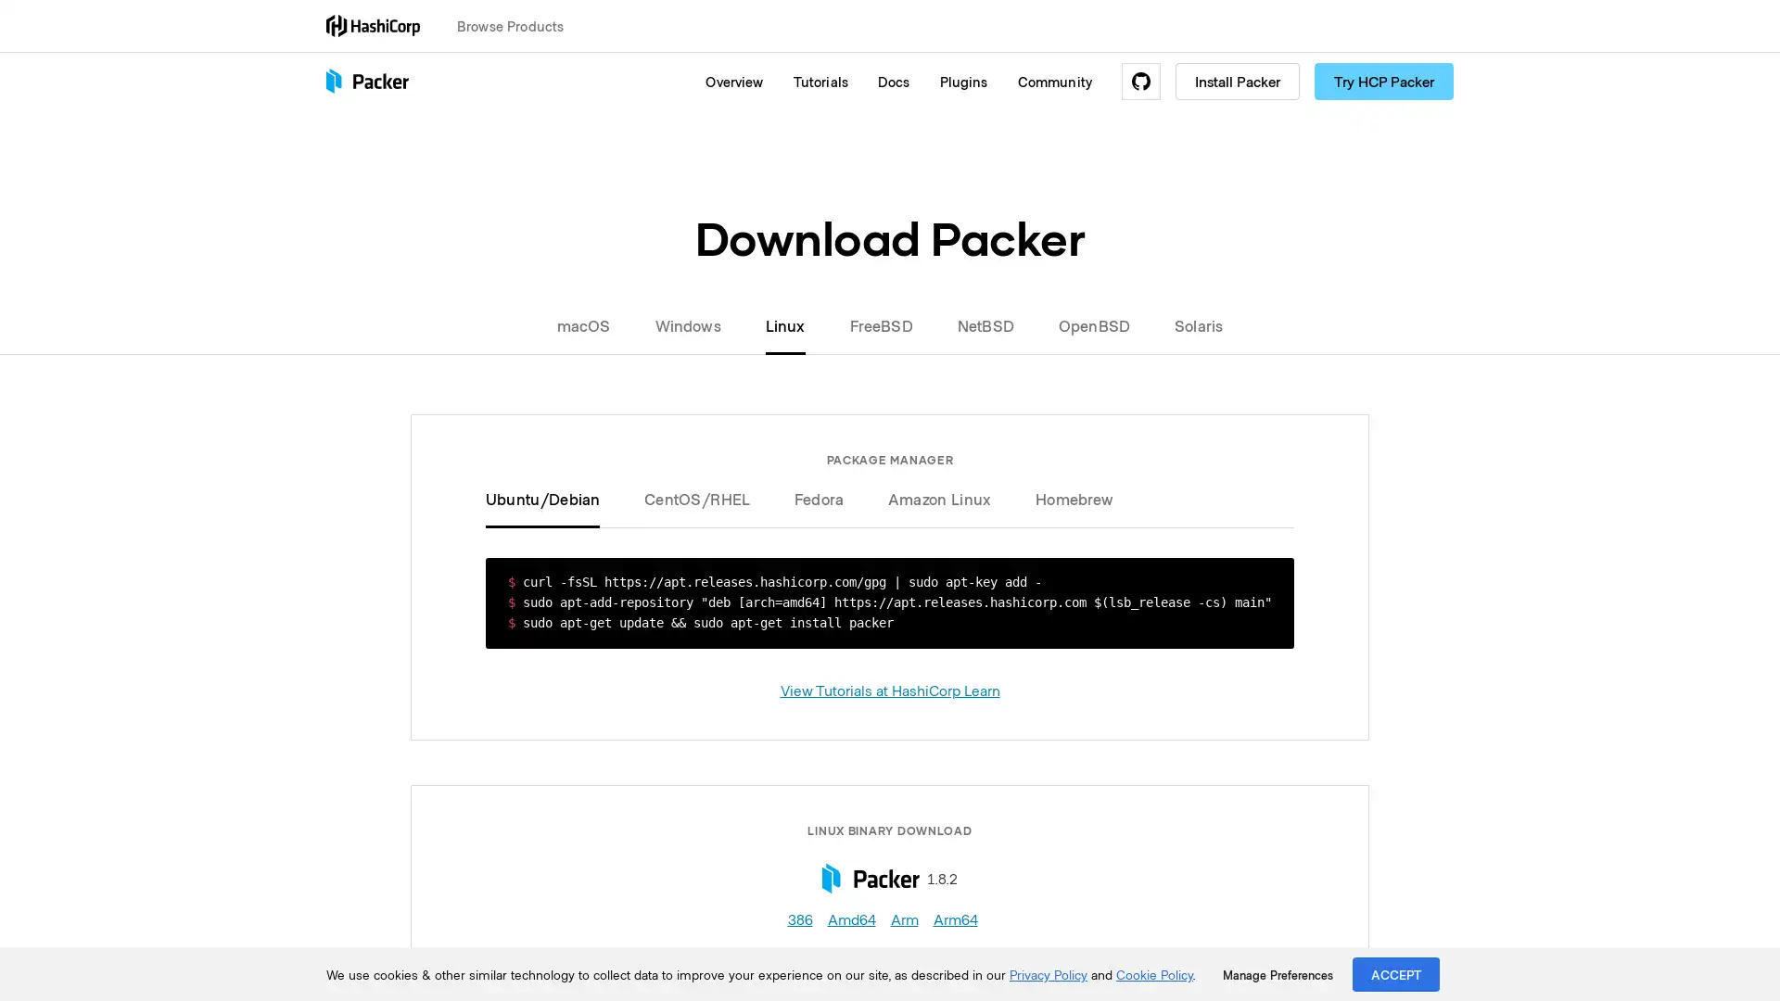 This screenshot has height=1001, width=1780. Describe the element at coordinates (984, 324) in the screenshot. I see `NetBSD` at that location.